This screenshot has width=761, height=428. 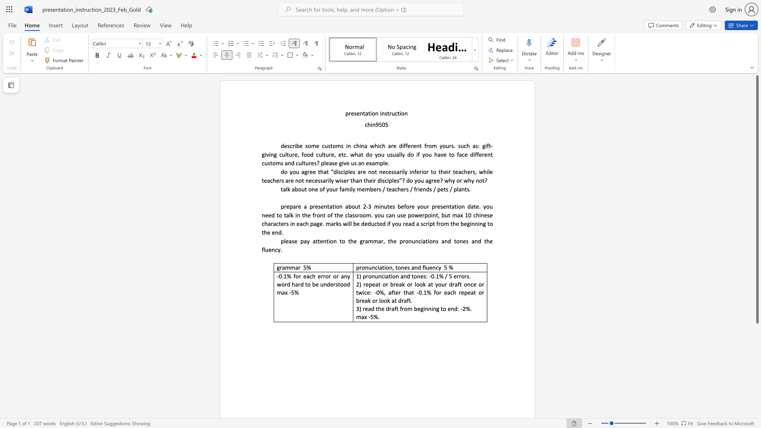 I want to click on the side scrollbar to bring the page down, so click(x=757, y=365).